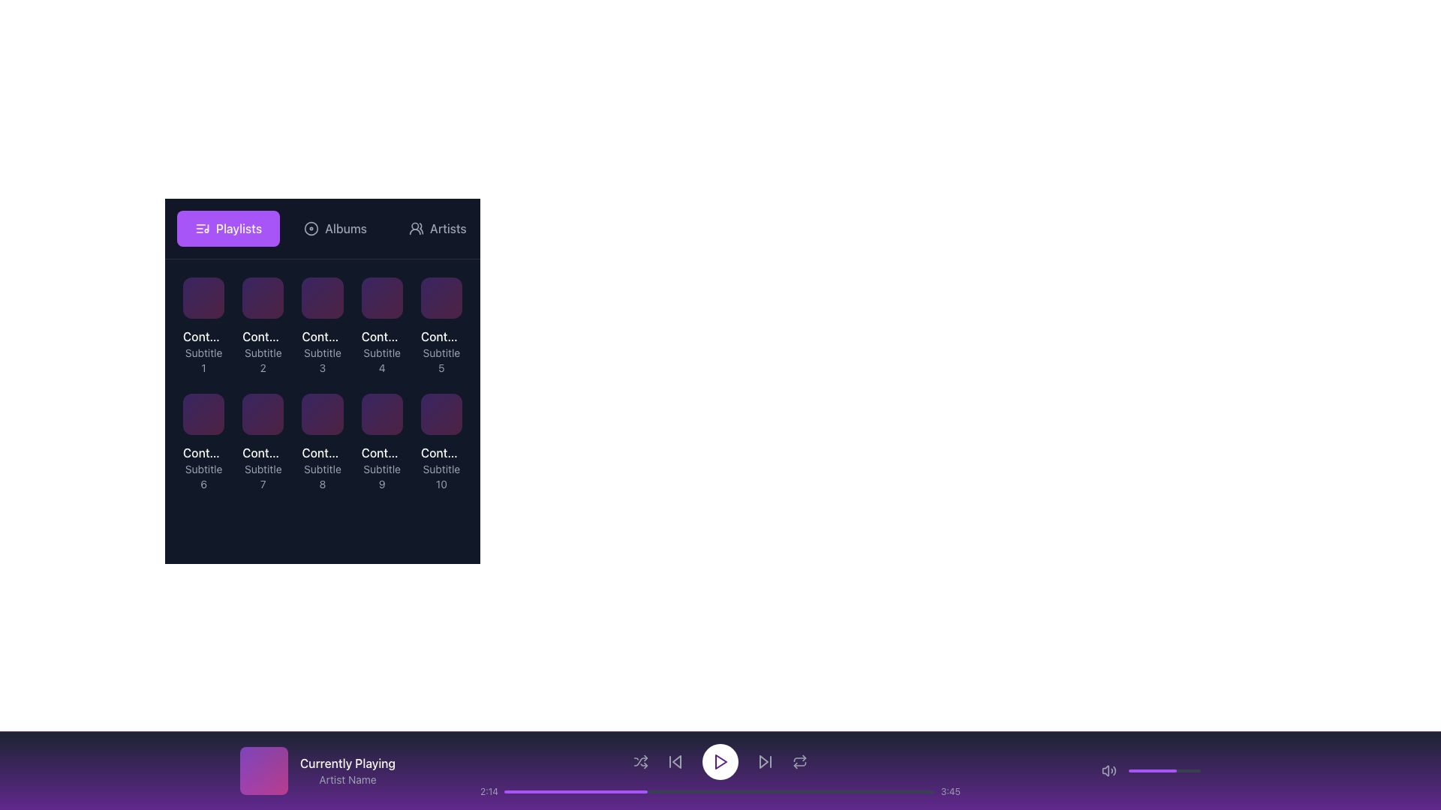  What do you see at coordinates (382, 298) in the screenshot?
I see `the fourth card` at bounding box center [382, 298].